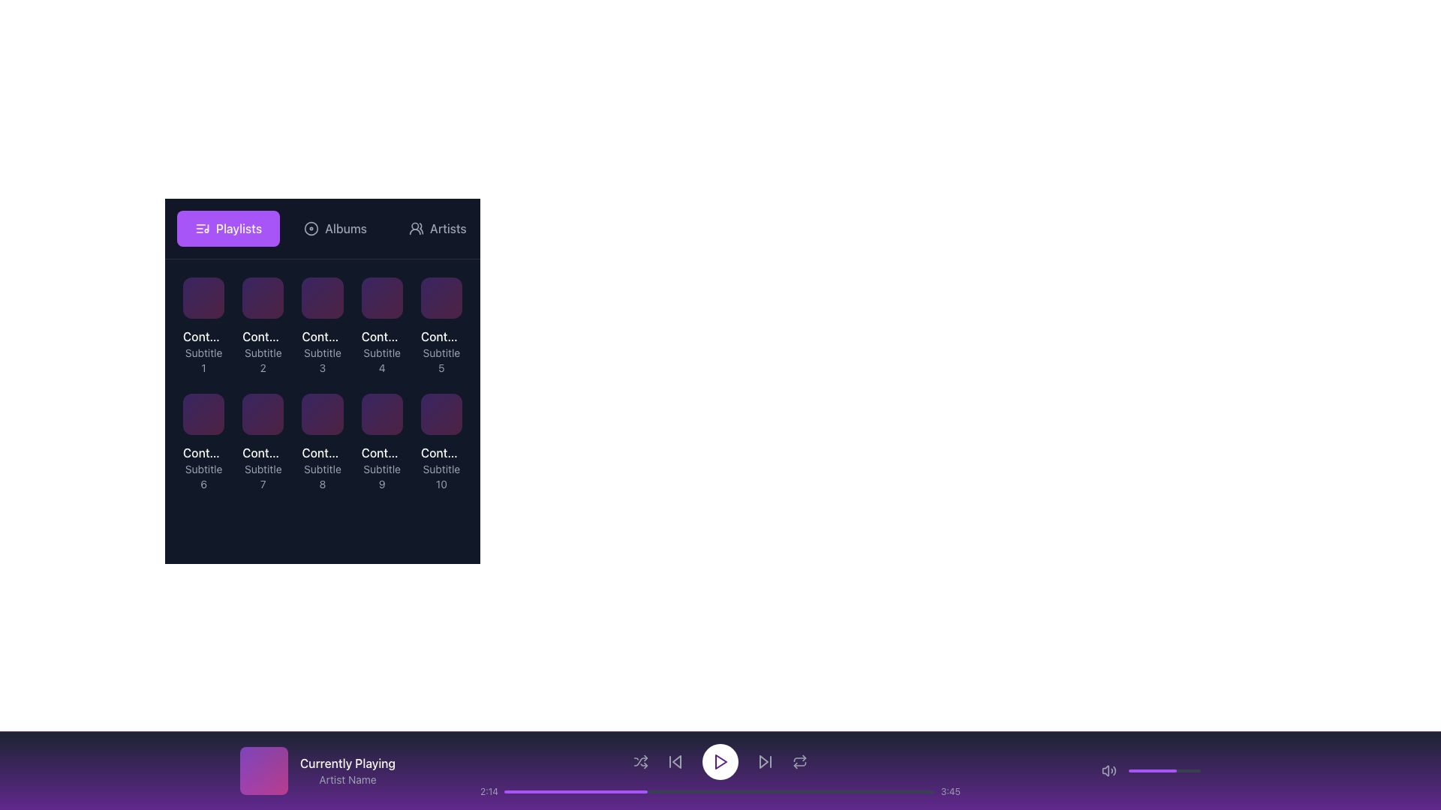  What do you see at coordinates (382, 298) in the screenshot?
I see `the fourth card` at bounding box center [382, 298].